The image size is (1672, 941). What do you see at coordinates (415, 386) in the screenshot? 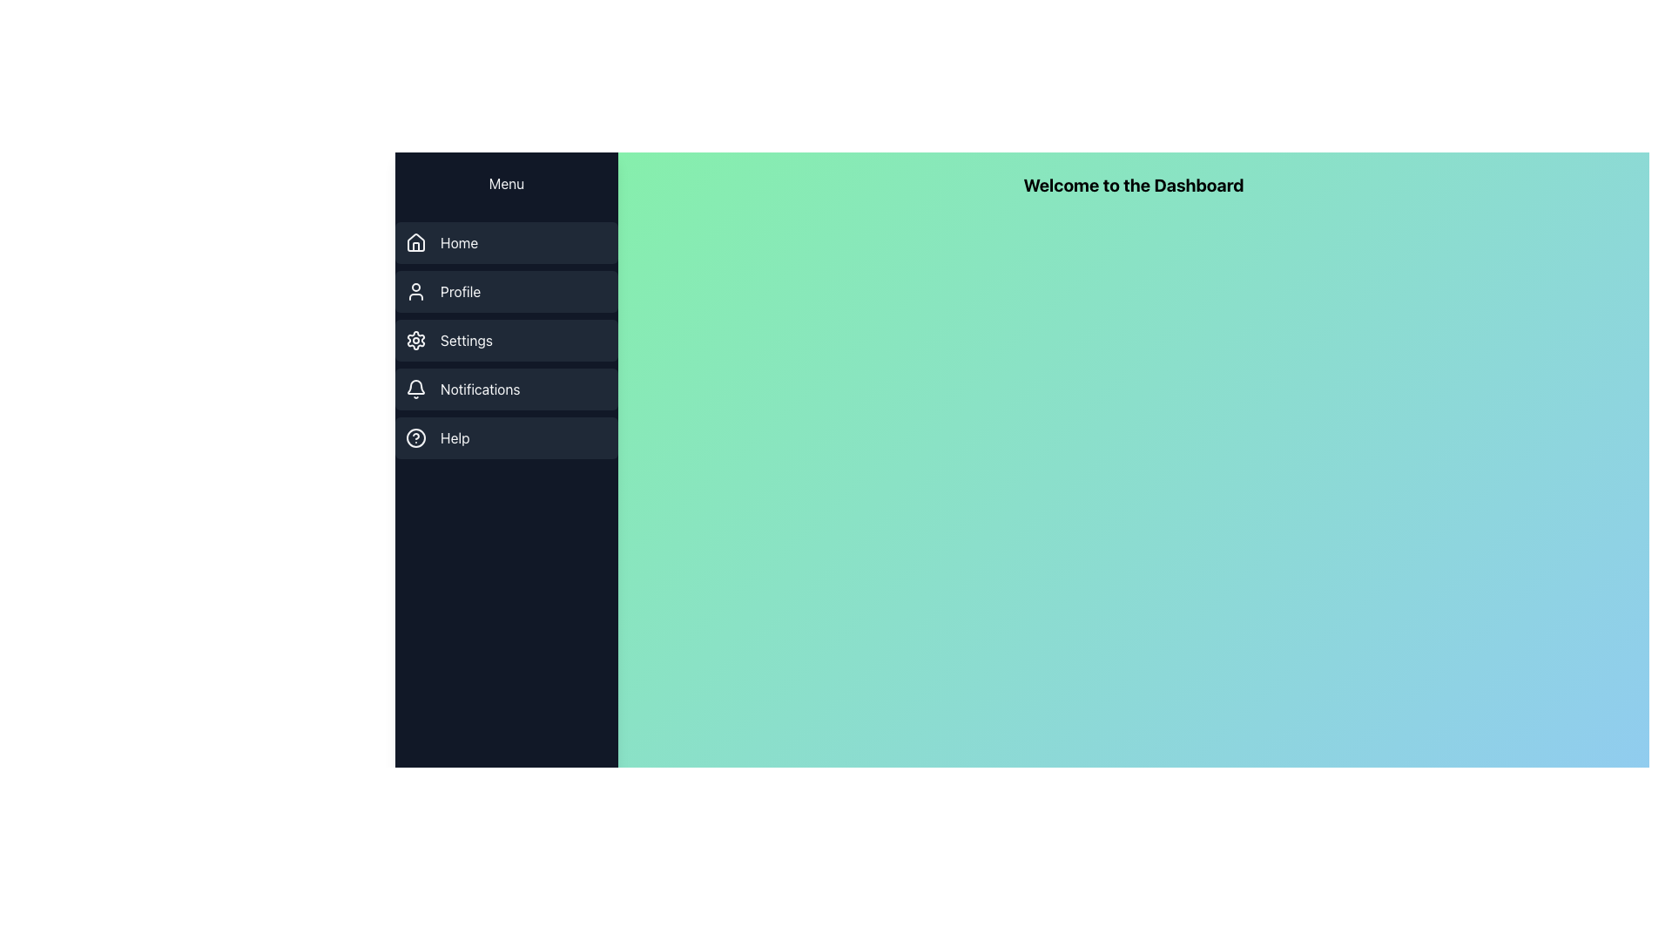
I see `the bell icon for notifications located in the vertical sidebar, which is the fourth menu item from the top` at bounding box center [415, 386].